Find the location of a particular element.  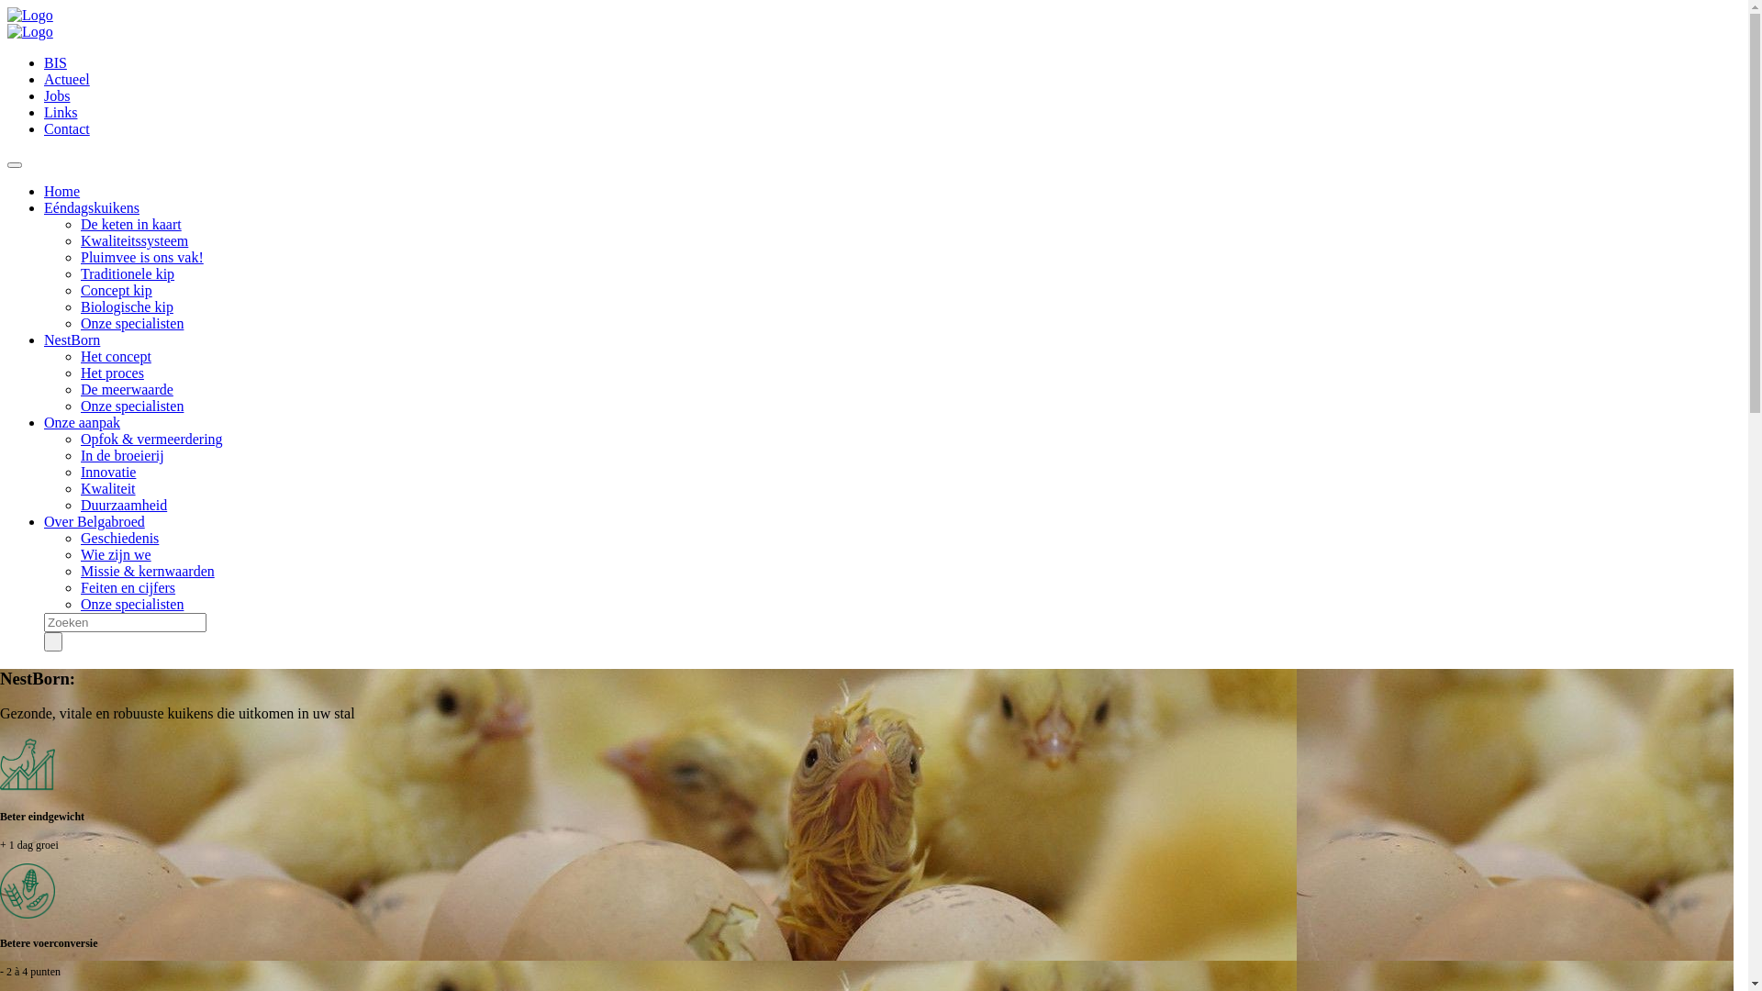

'Biologische kip' is located at coordinates (126, 306).